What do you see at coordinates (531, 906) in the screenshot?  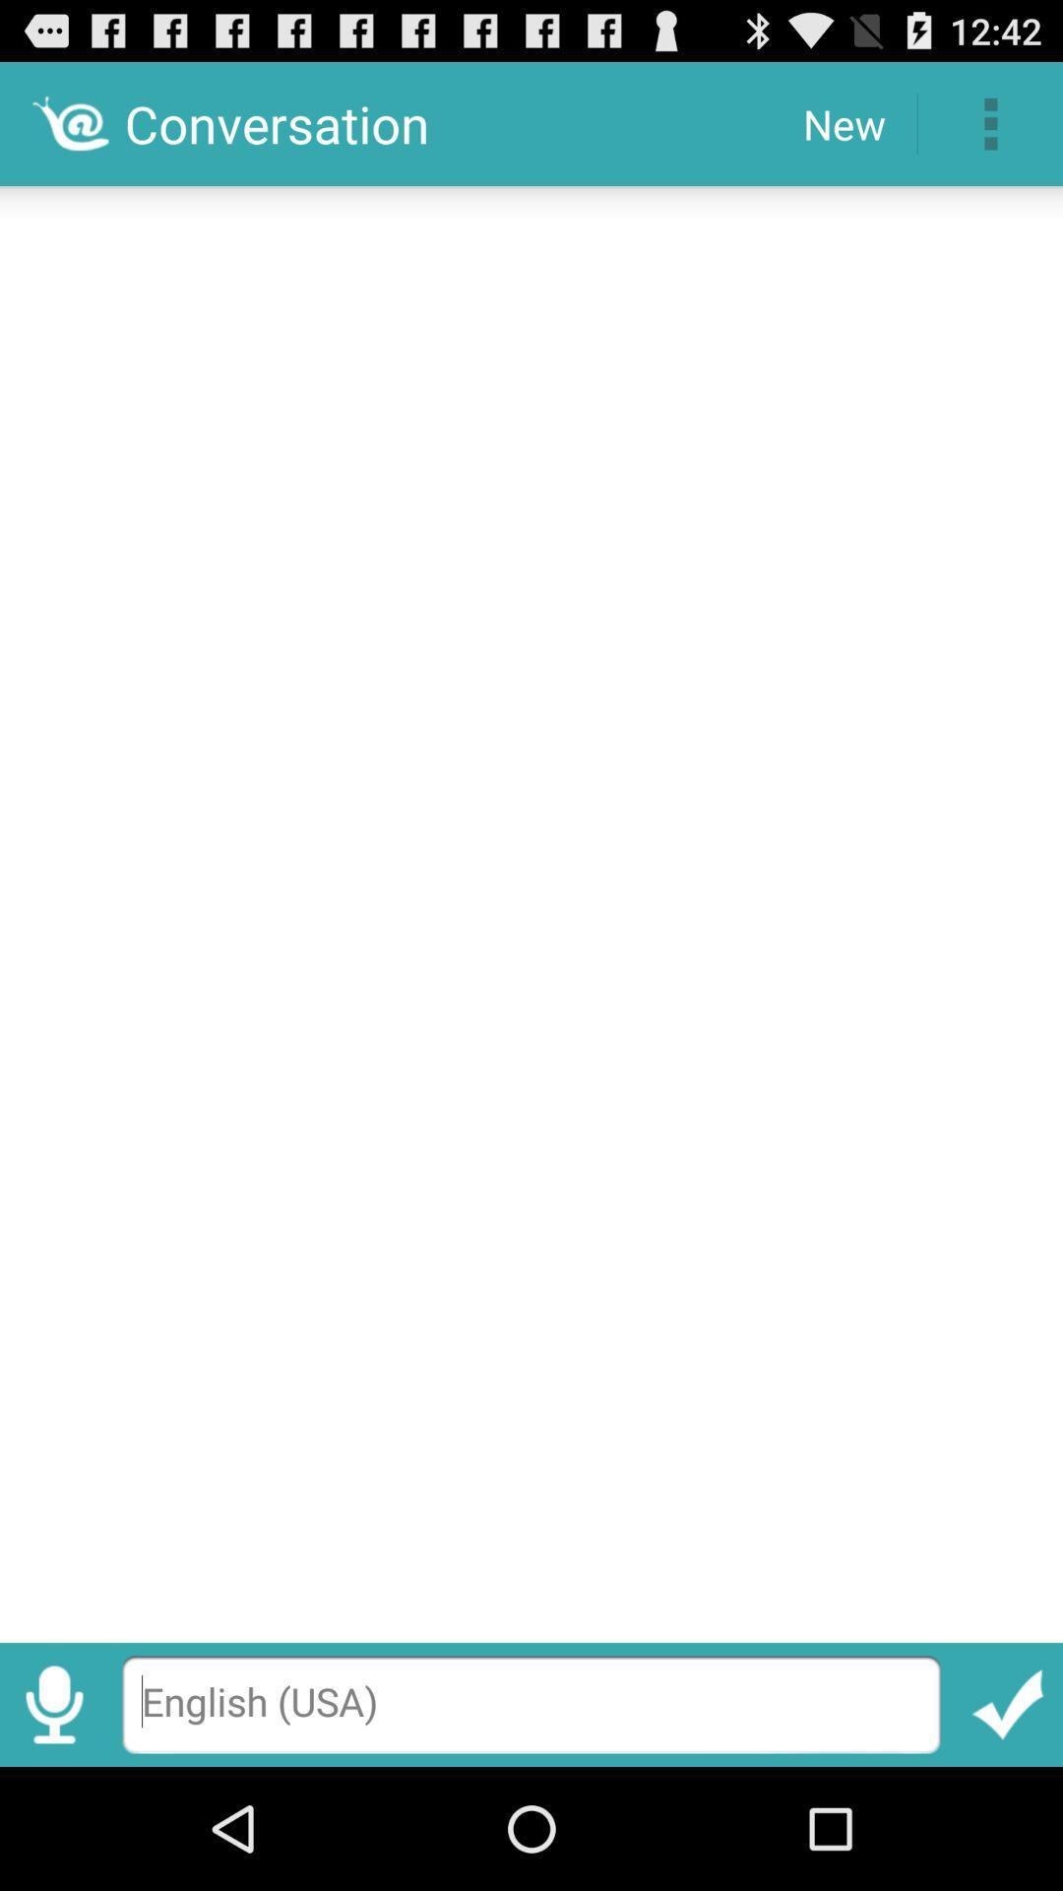 I see `box where chat conversation will be able to be read` at bounding box center [531, 906].